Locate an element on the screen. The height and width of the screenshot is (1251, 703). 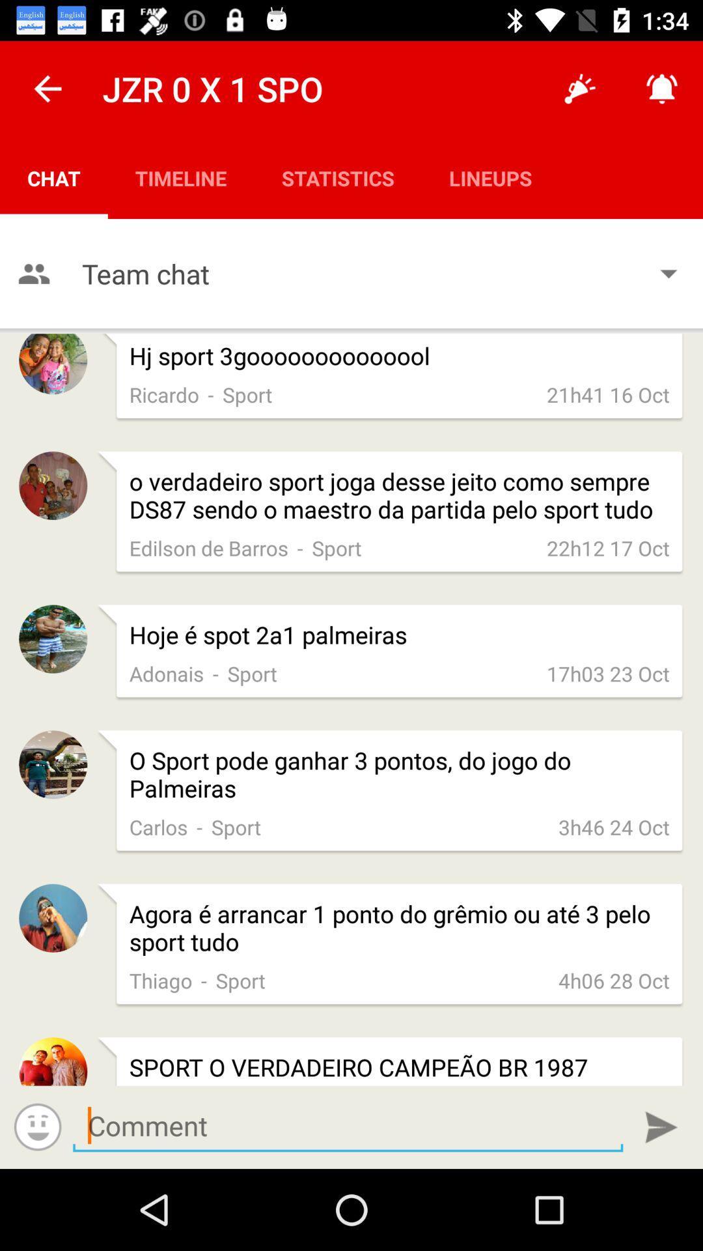
the icon next to the jzr 0 x item is located at coordinates (47, 88).